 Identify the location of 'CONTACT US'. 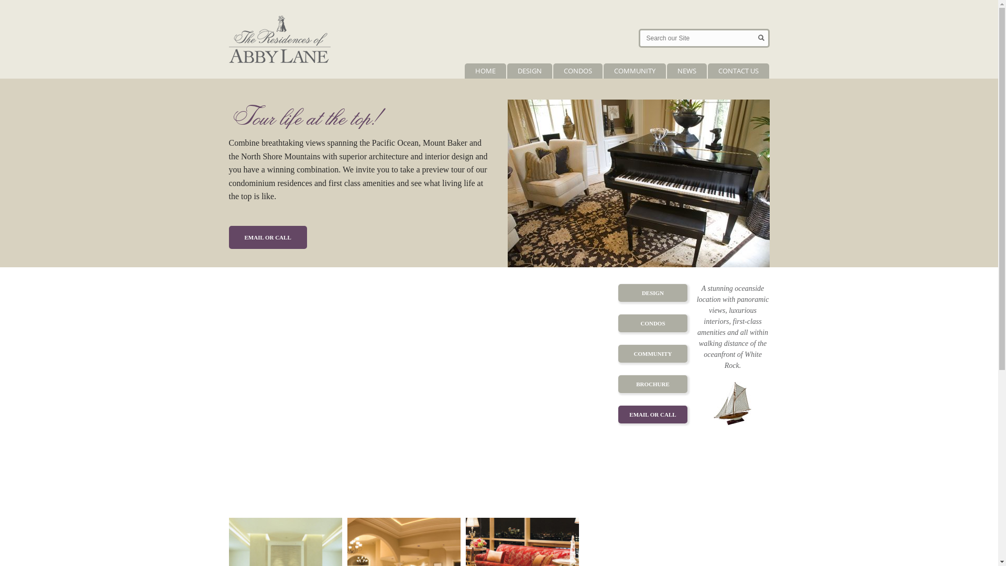
(707, 71).